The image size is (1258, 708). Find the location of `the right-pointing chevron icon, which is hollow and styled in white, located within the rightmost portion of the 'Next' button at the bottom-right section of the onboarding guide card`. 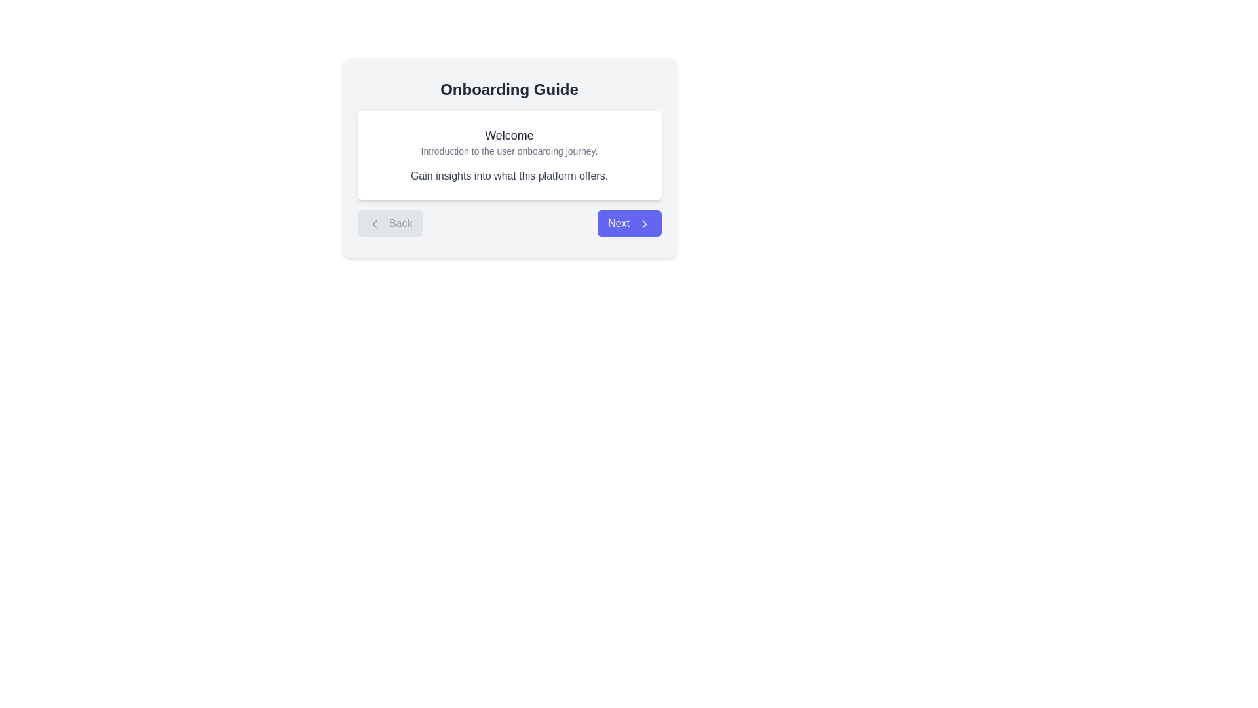

the right-pointing chevron icon, which is hollow and styled in white, located within the rightmost portion of the 'Next' button at the bottom-right section of the onboarding guide card is located at coordinates (644, 223).